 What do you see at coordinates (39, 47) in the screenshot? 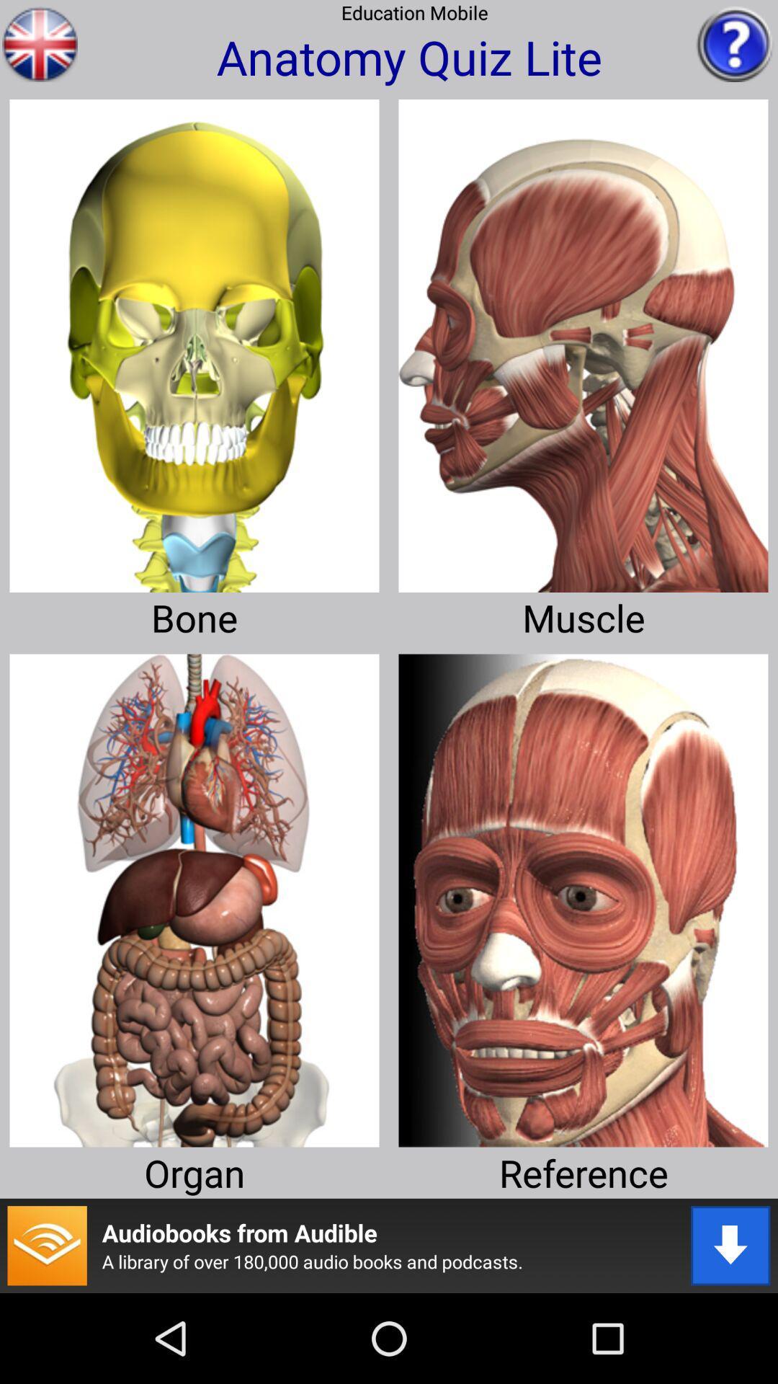
I see `the national_flag icon` at bounding box center [39, 47].